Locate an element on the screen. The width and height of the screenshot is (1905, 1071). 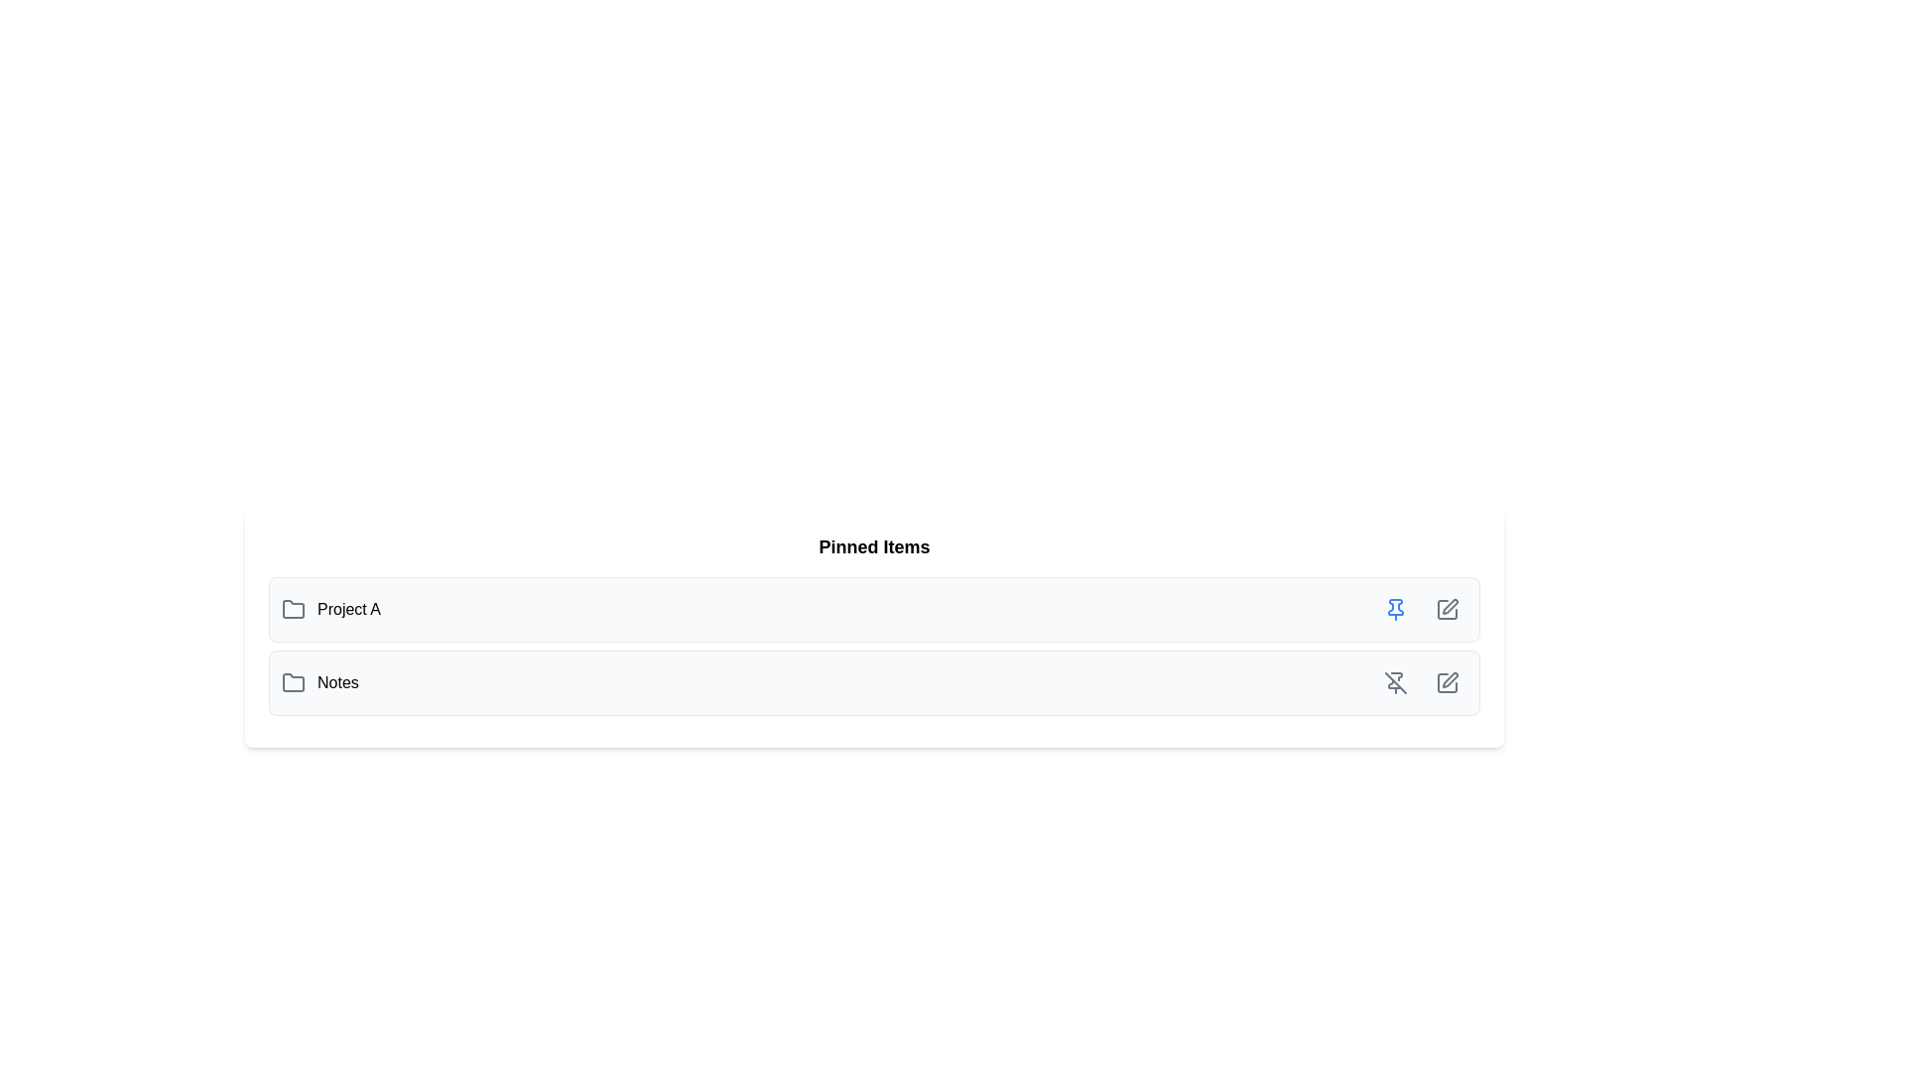
the pin icon located to the right of the list entry labeled 'Project A' is located at coordinates (1394, 608).